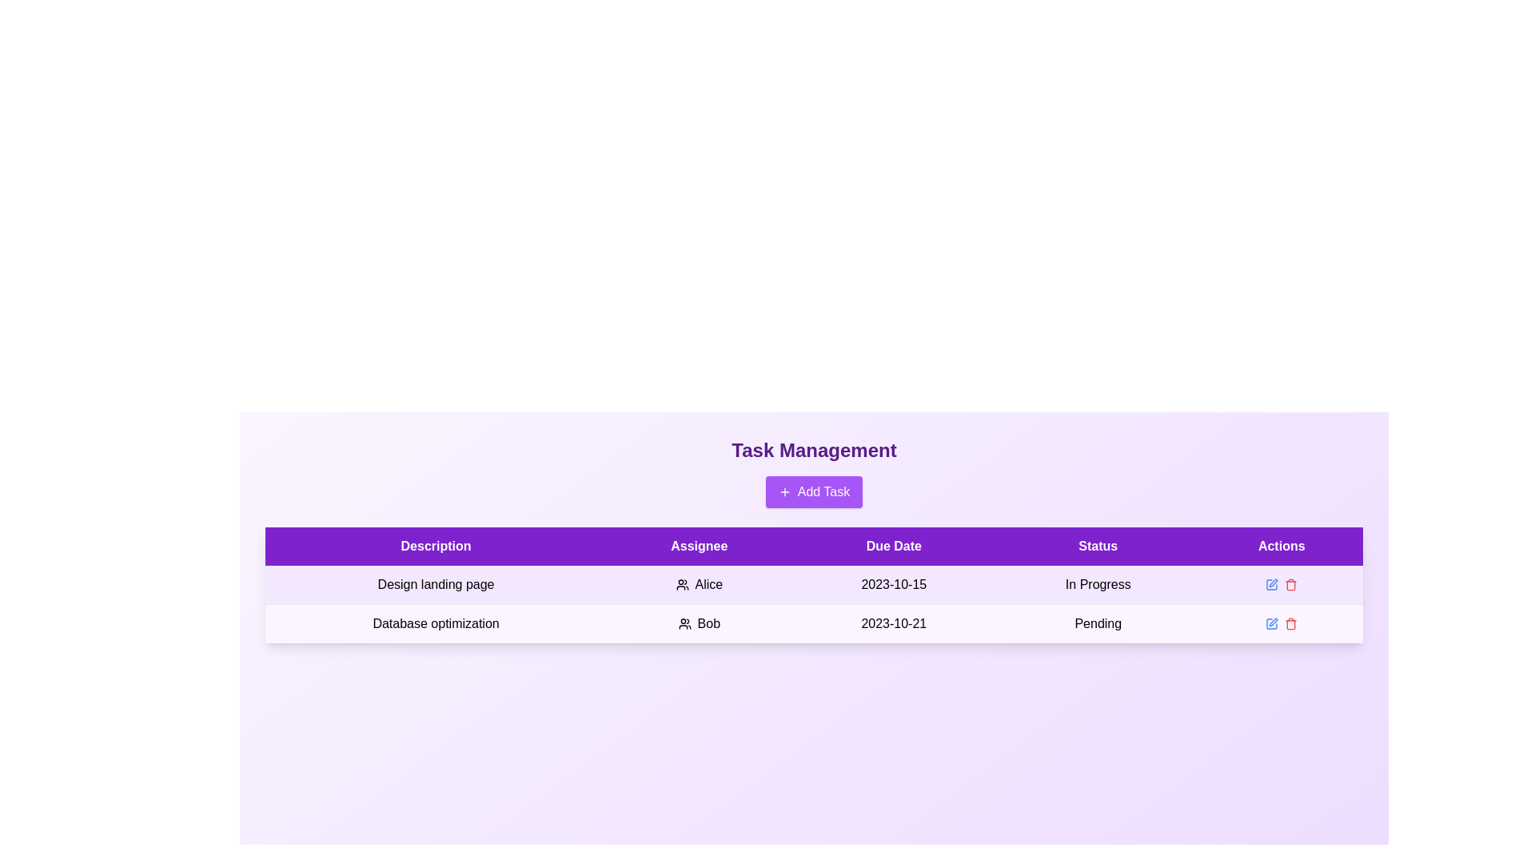 The width and height of the screenshot is (1535, 863). What do you see at coordinates (1282, 622) in the screenshot?
I see `the grouped interactive icons in the 'Actions' column of the second row for the task titled 'Database optimization'` at bounding box center [1282, 622].